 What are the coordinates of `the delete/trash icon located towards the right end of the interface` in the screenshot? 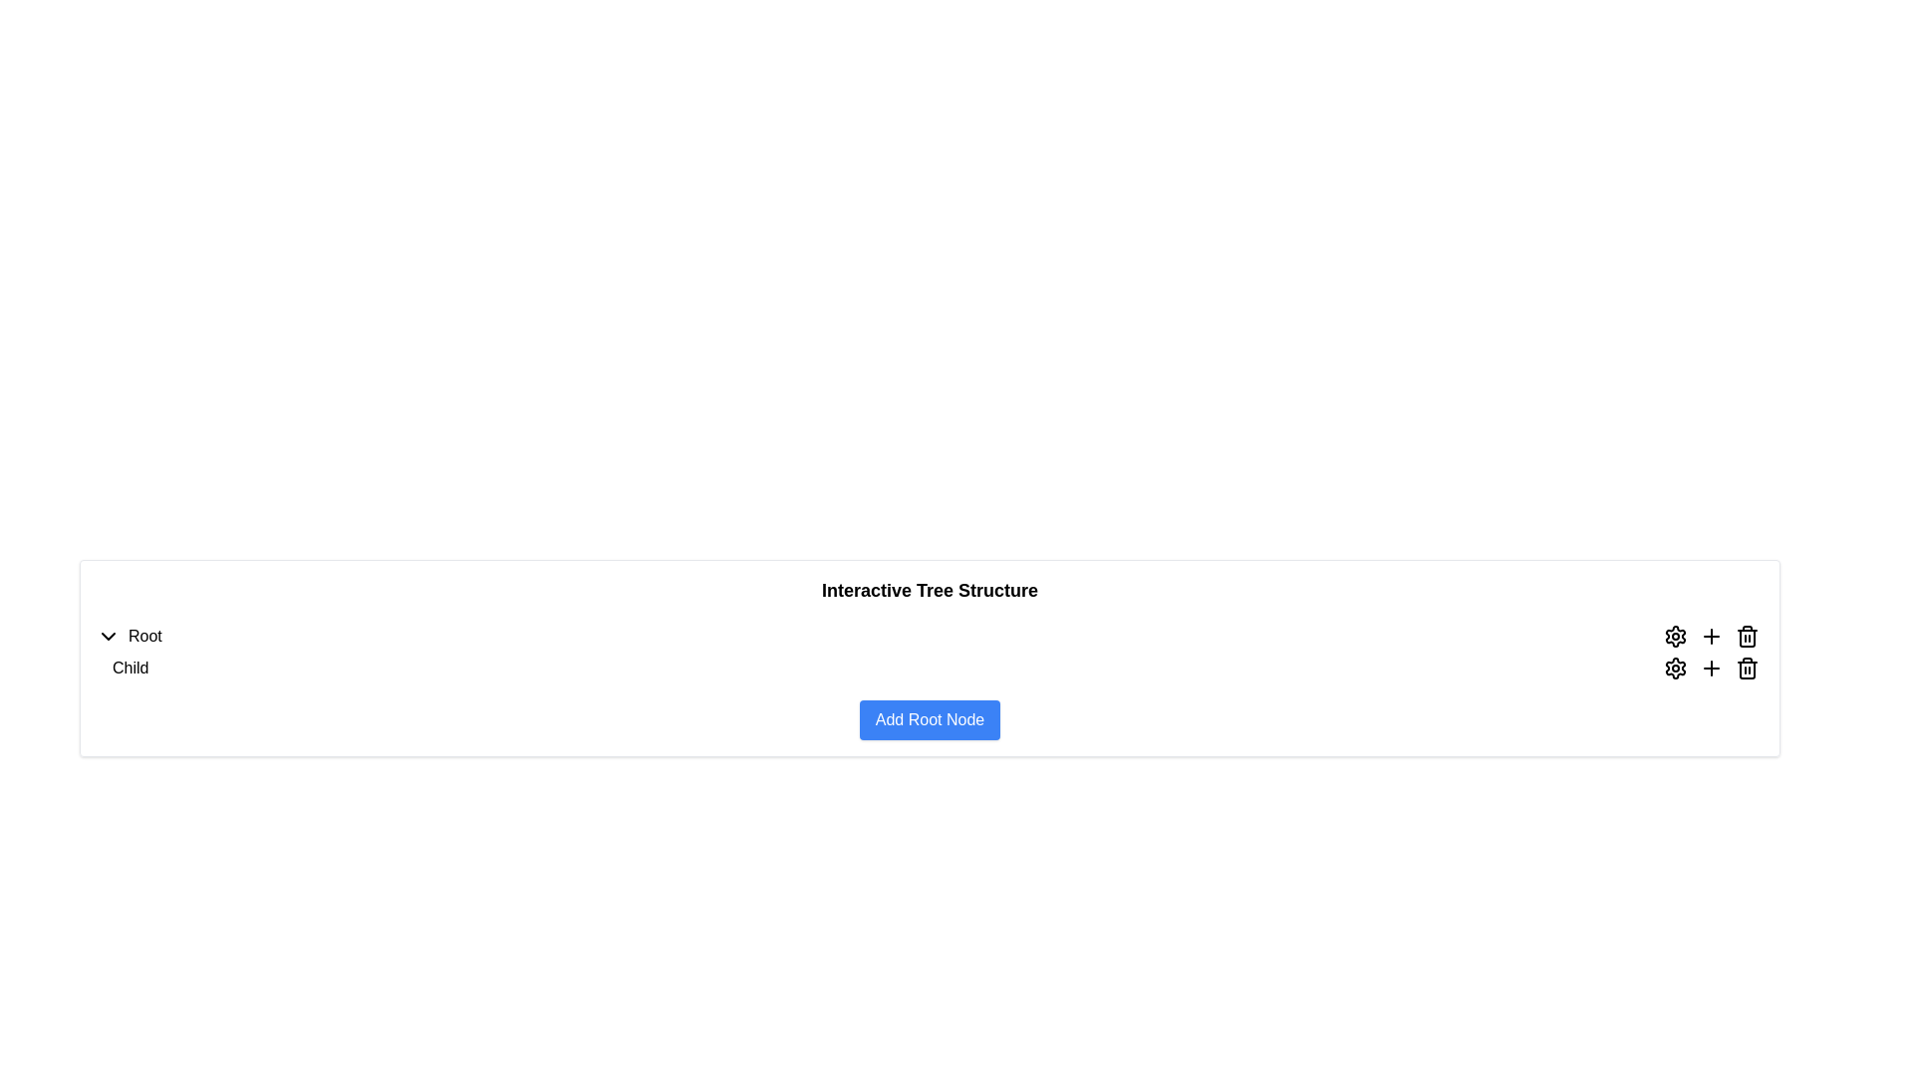 It's located at (1746, 638).